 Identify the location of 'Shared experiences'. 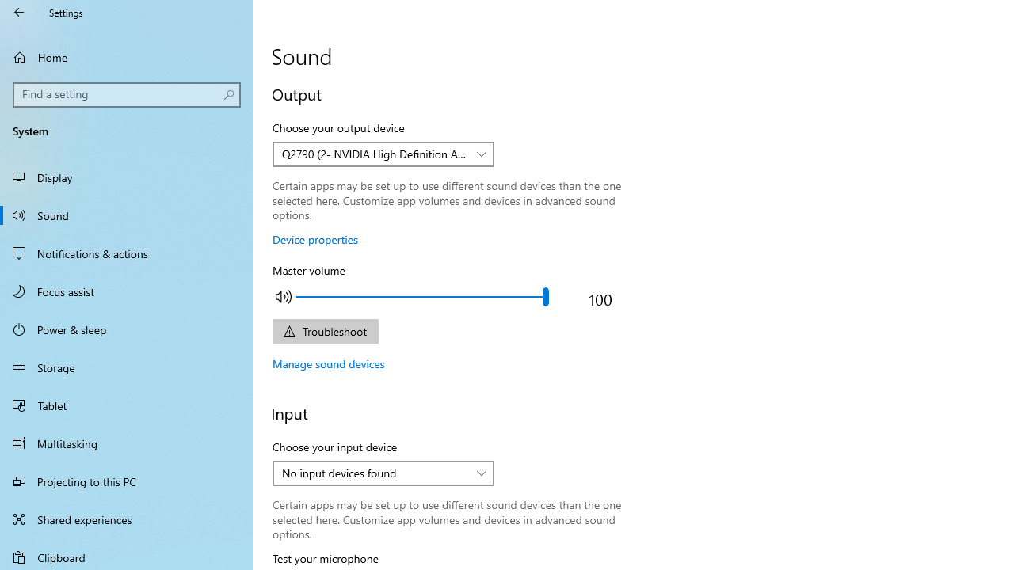
(127, 519).